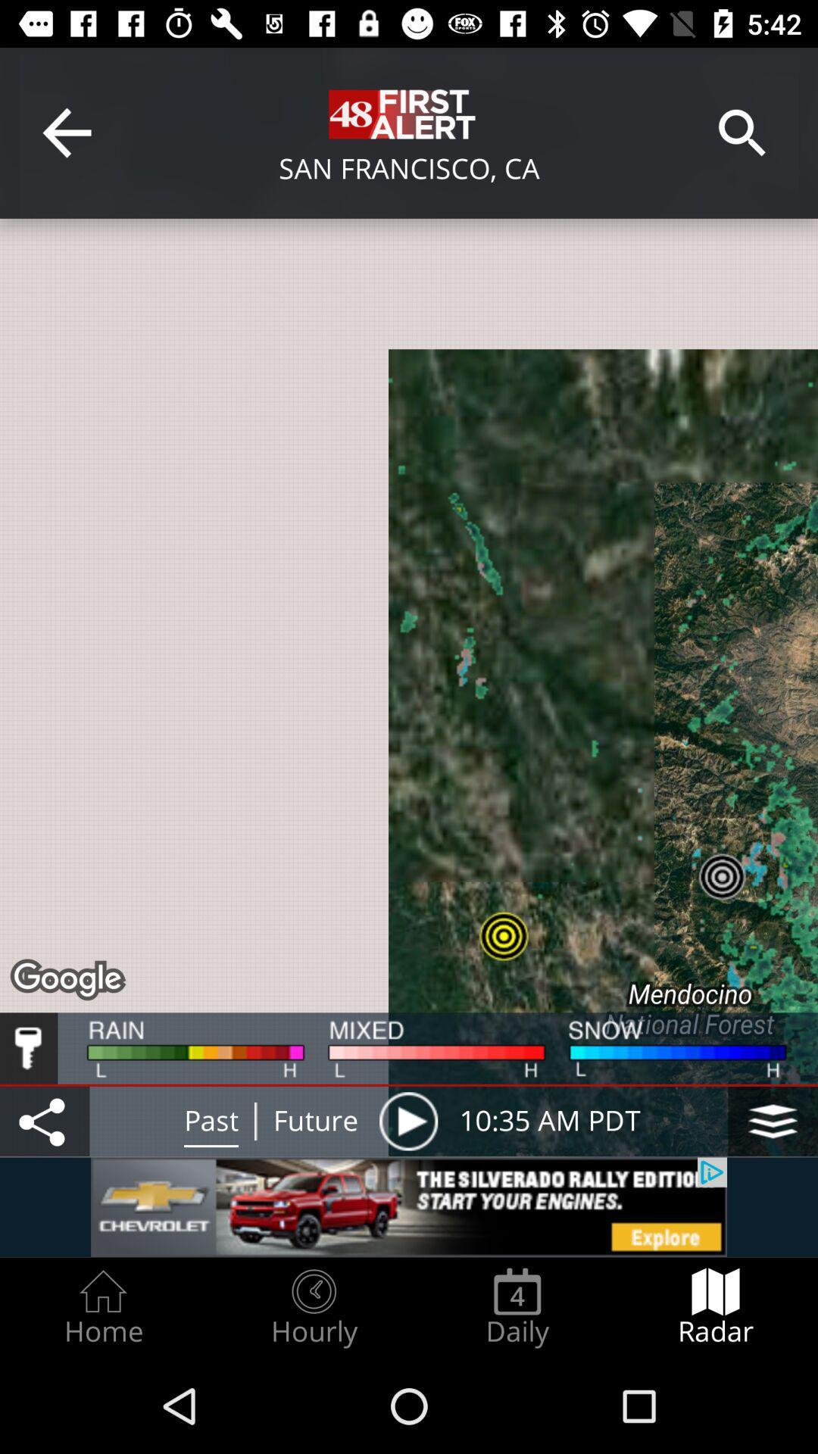  I want to click on the icon next to home radio button, so click(313, 1307).